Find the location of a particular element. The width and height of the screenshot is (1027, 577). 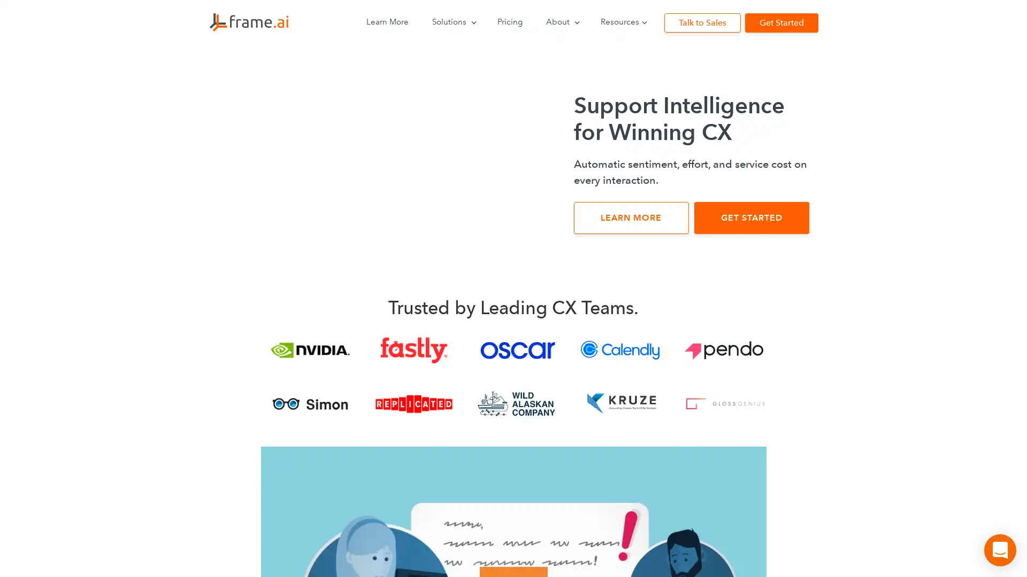

GET STARTED is located at coordinates (750, 217).